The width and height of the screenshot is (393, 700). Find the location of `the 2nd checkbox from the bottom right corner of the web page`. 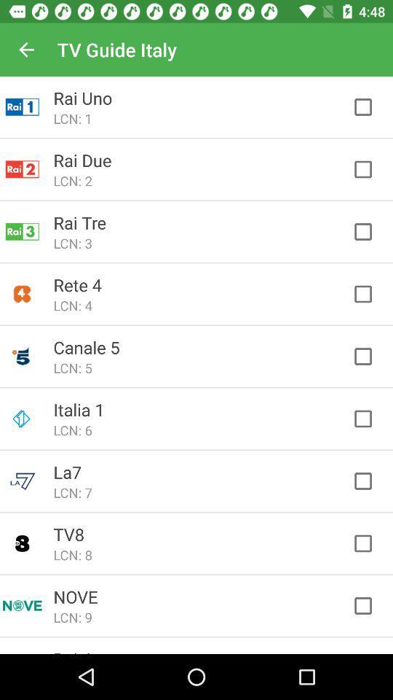

the 2nd checkbox from the bottom right corner of the web page is located at coordinates (370, 543).